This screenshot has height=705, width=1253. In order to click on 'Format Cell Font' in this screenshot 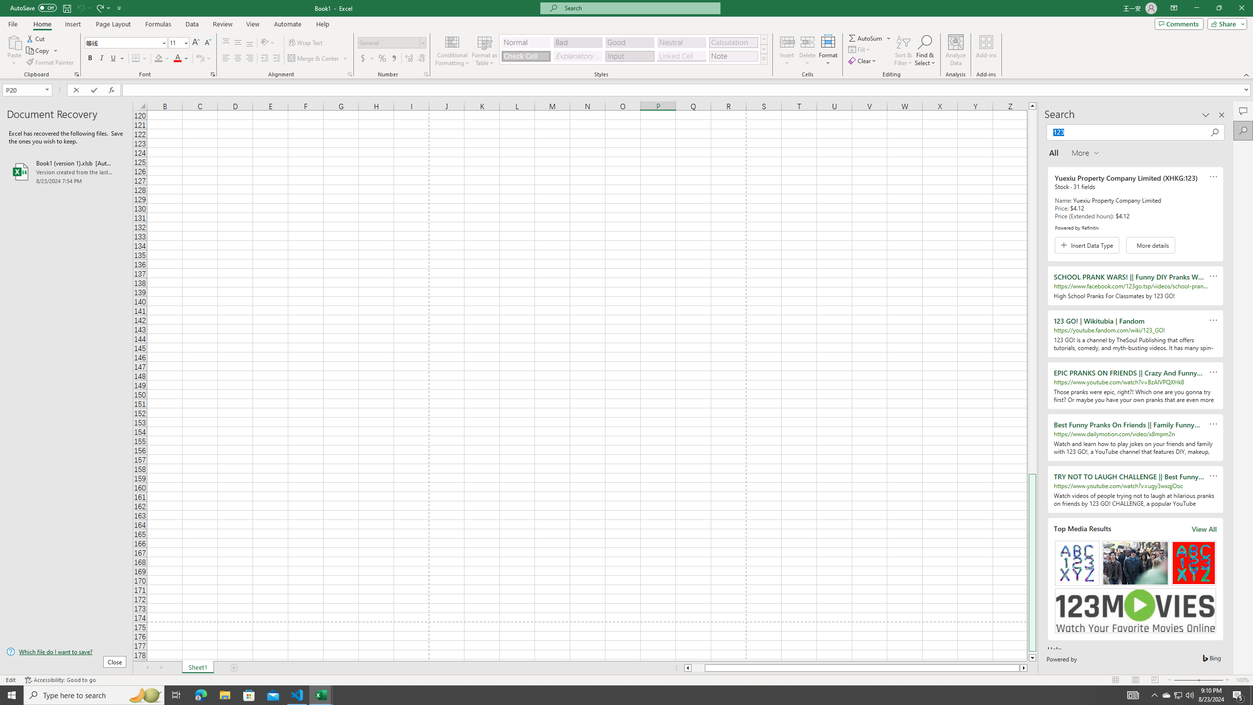, I will do `click(213, 73)`.